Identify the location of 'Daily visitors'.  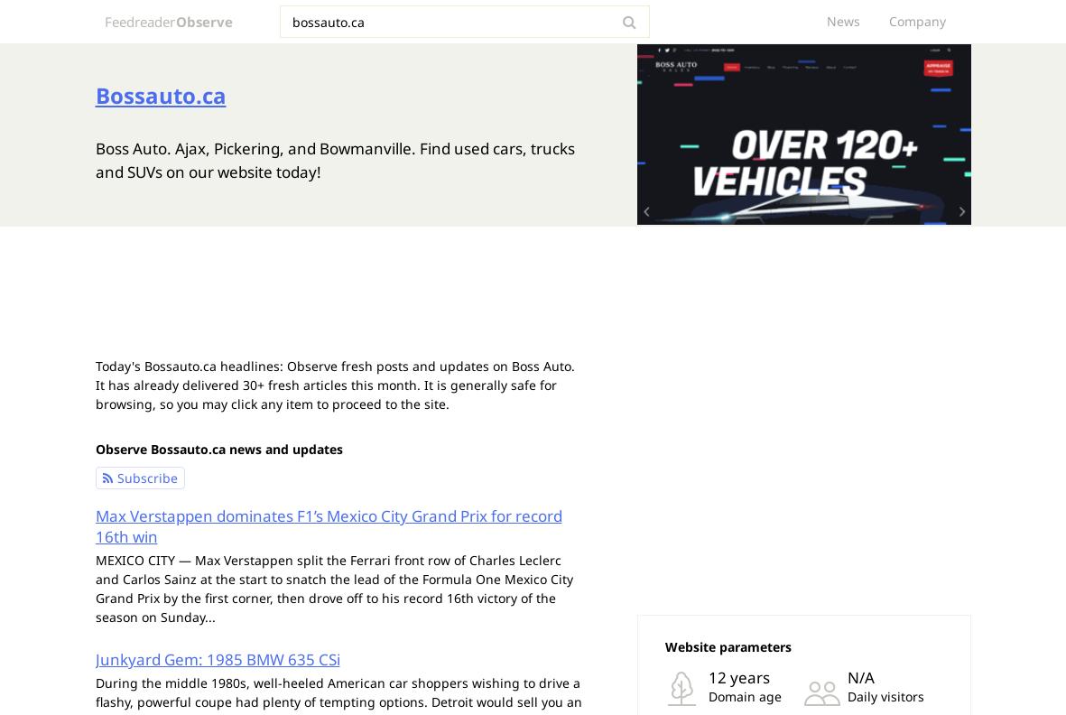
(884, 696).